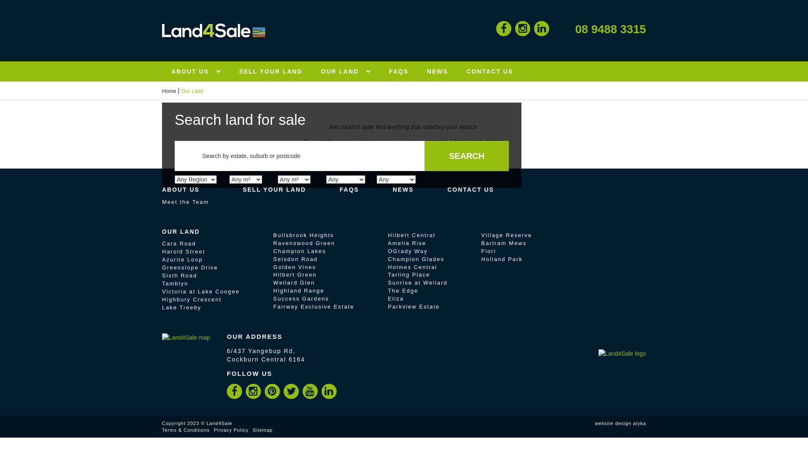 The height and width of the screenshot is (454, 808). I want to click on 'CONTACT US', so click(470, 190).